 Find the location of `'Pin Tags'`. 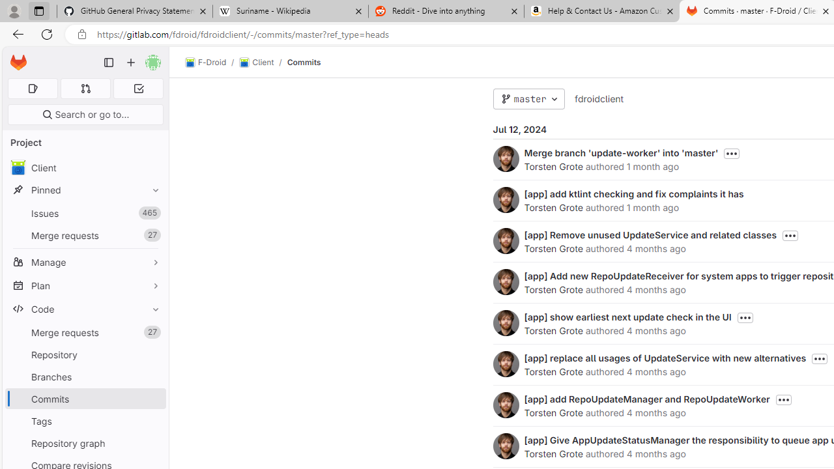

'Pin Tags' is located at coordinates (152, 421).